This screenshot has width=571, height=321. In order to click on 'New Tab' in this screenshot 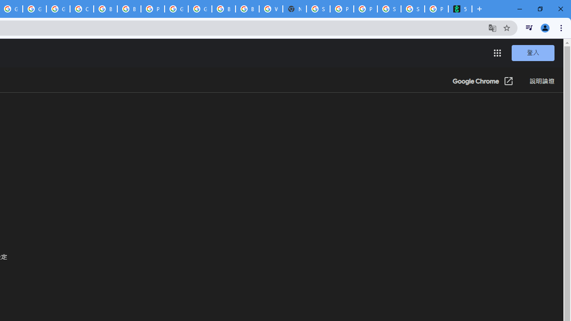, I will do `click(294, 9)`.